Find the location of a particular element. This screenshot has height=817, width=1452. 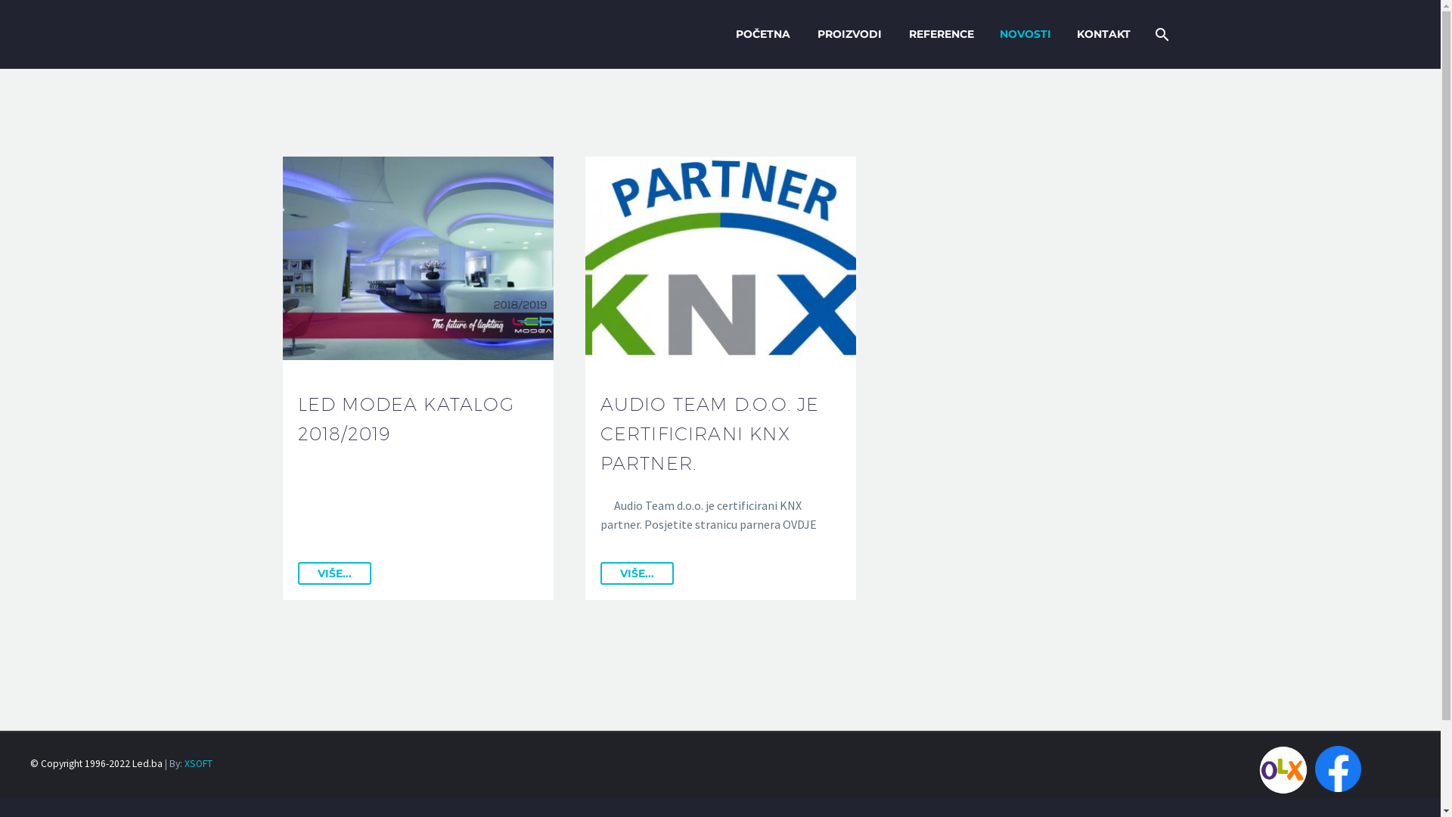

'LED MODEA KATALOG 2018/2019' is located at coordinates (297, 419).